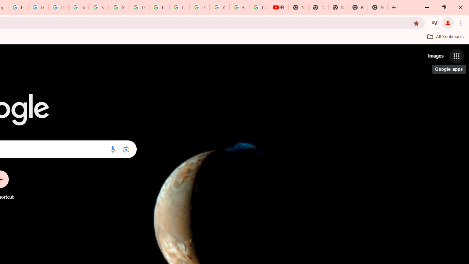 The height and width of the screenshot is (264, 469). Describe the element at coordinates (179, 7) in the screenshot. I see `'Privacy Help Center - Policies Help'` at that location.